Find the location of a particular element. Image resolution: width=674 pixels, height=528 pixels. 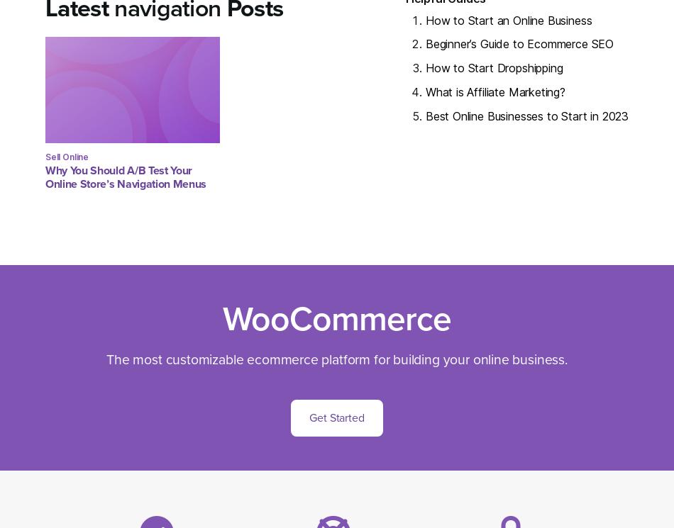

'Why You Should A/B Test Your Online Store’s Navigation Menus' is located at coordinates (126, 176).